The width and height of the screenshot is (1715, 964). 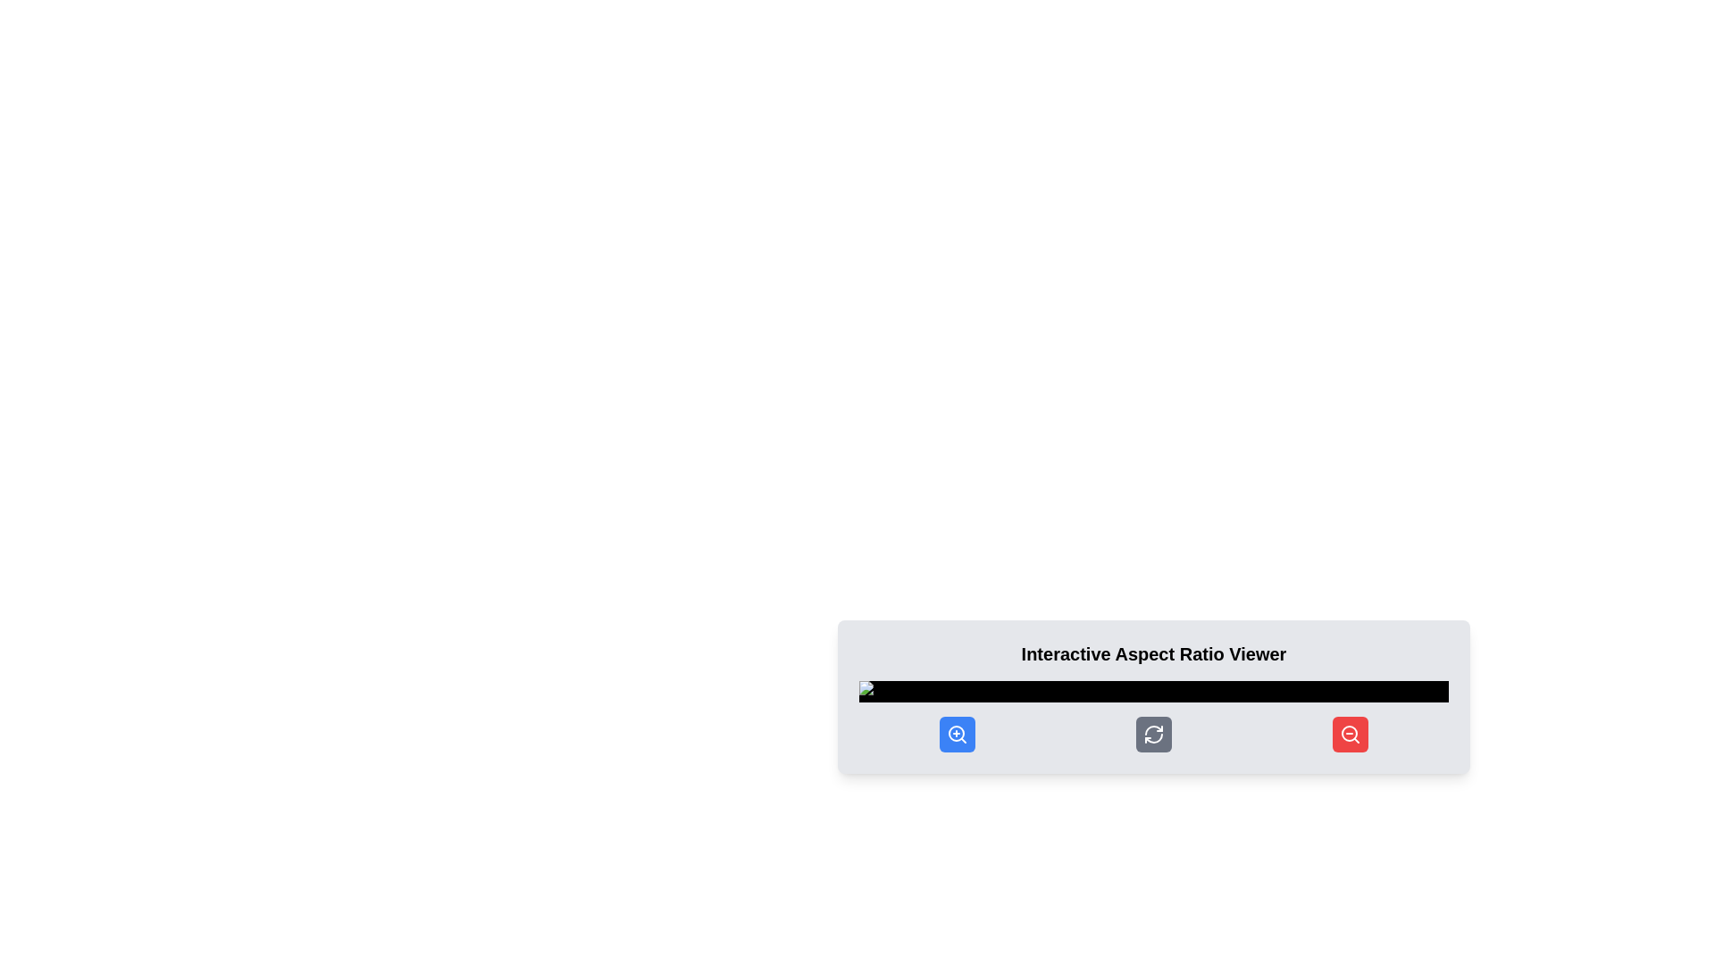 What do you see at coordinates (1153, 695) in the screenshot?
I see `the control buttons on the interactive panel located at the bottom of the panel, which has a light gray background and three circular icon buttons colored blue, gray, and red` at bounding box center [1153, 695].